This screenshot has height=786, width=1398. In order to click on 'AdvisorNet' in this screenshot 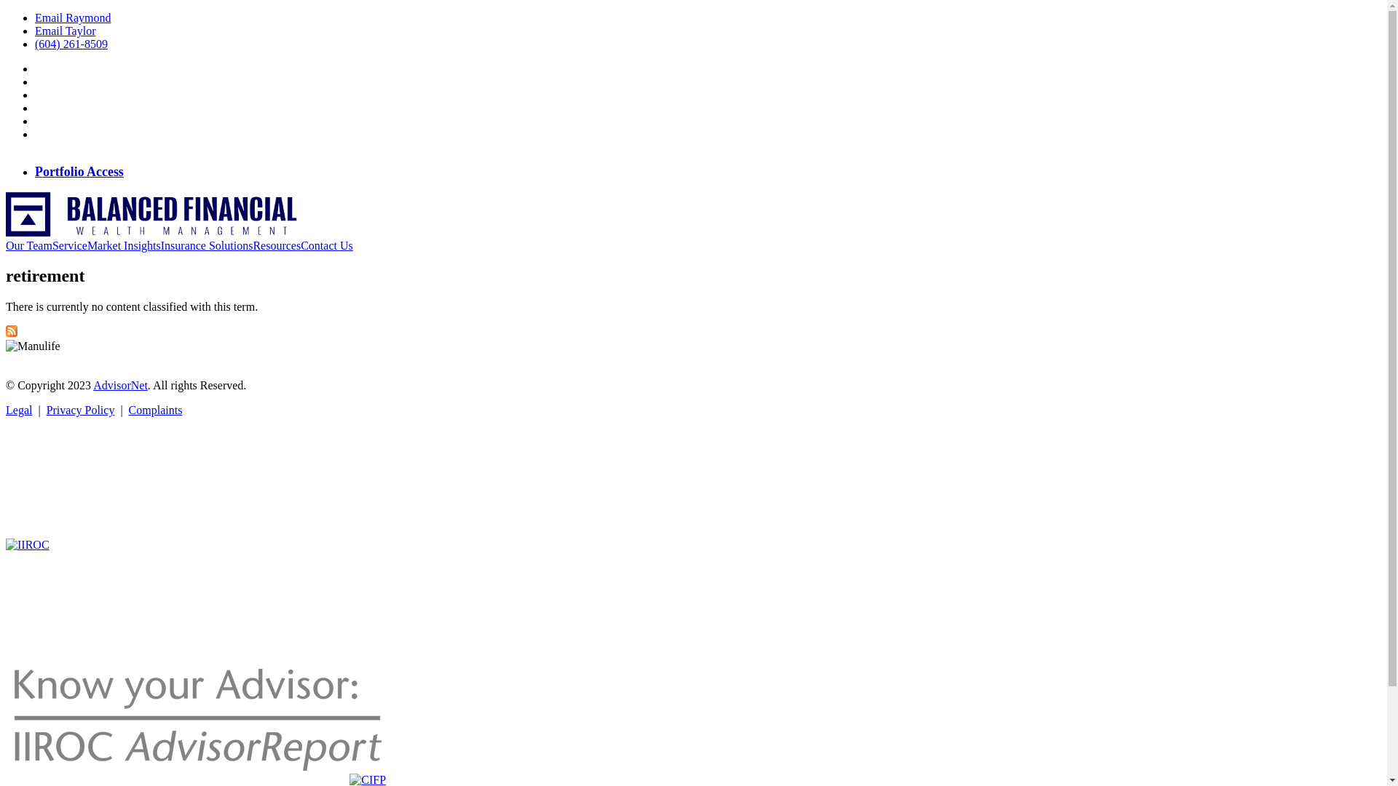, I will do `click(120, 384)`.